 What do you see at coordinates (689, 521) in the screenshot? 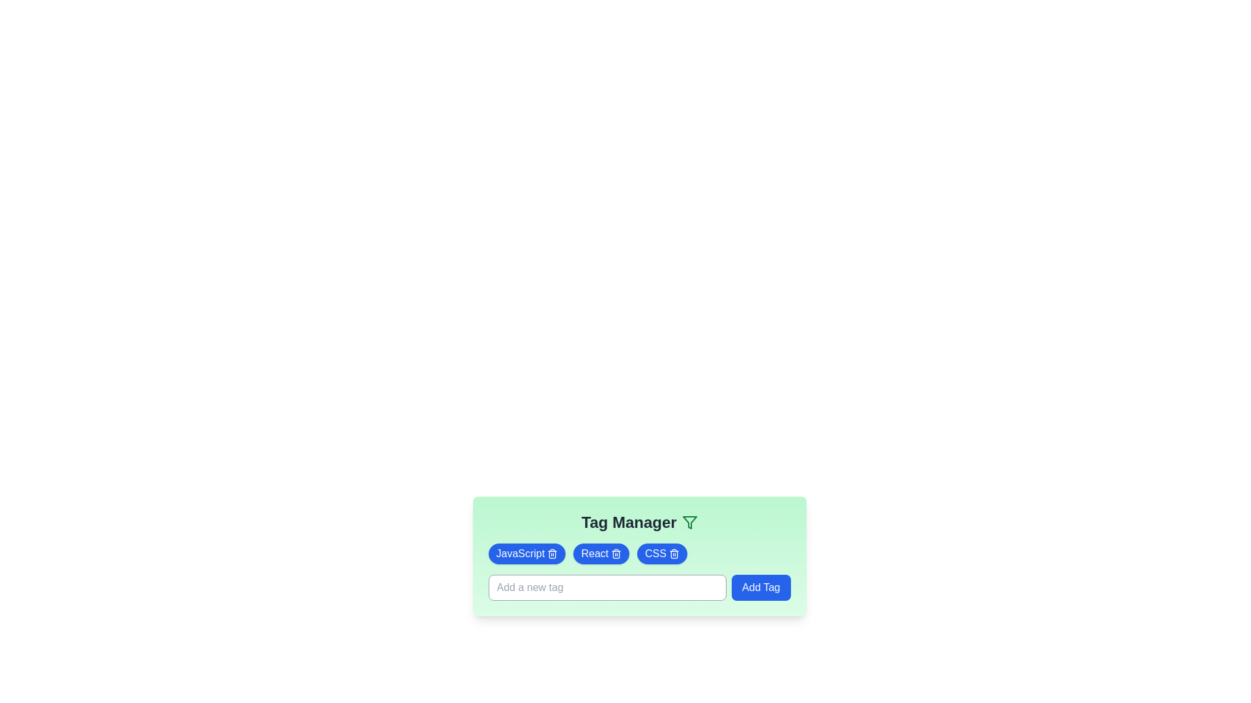
I see `the filter icon with green outlines on a mint-green background located at the top-right of the 'Tag Manager' title header area` at bounding box center [689, 521].